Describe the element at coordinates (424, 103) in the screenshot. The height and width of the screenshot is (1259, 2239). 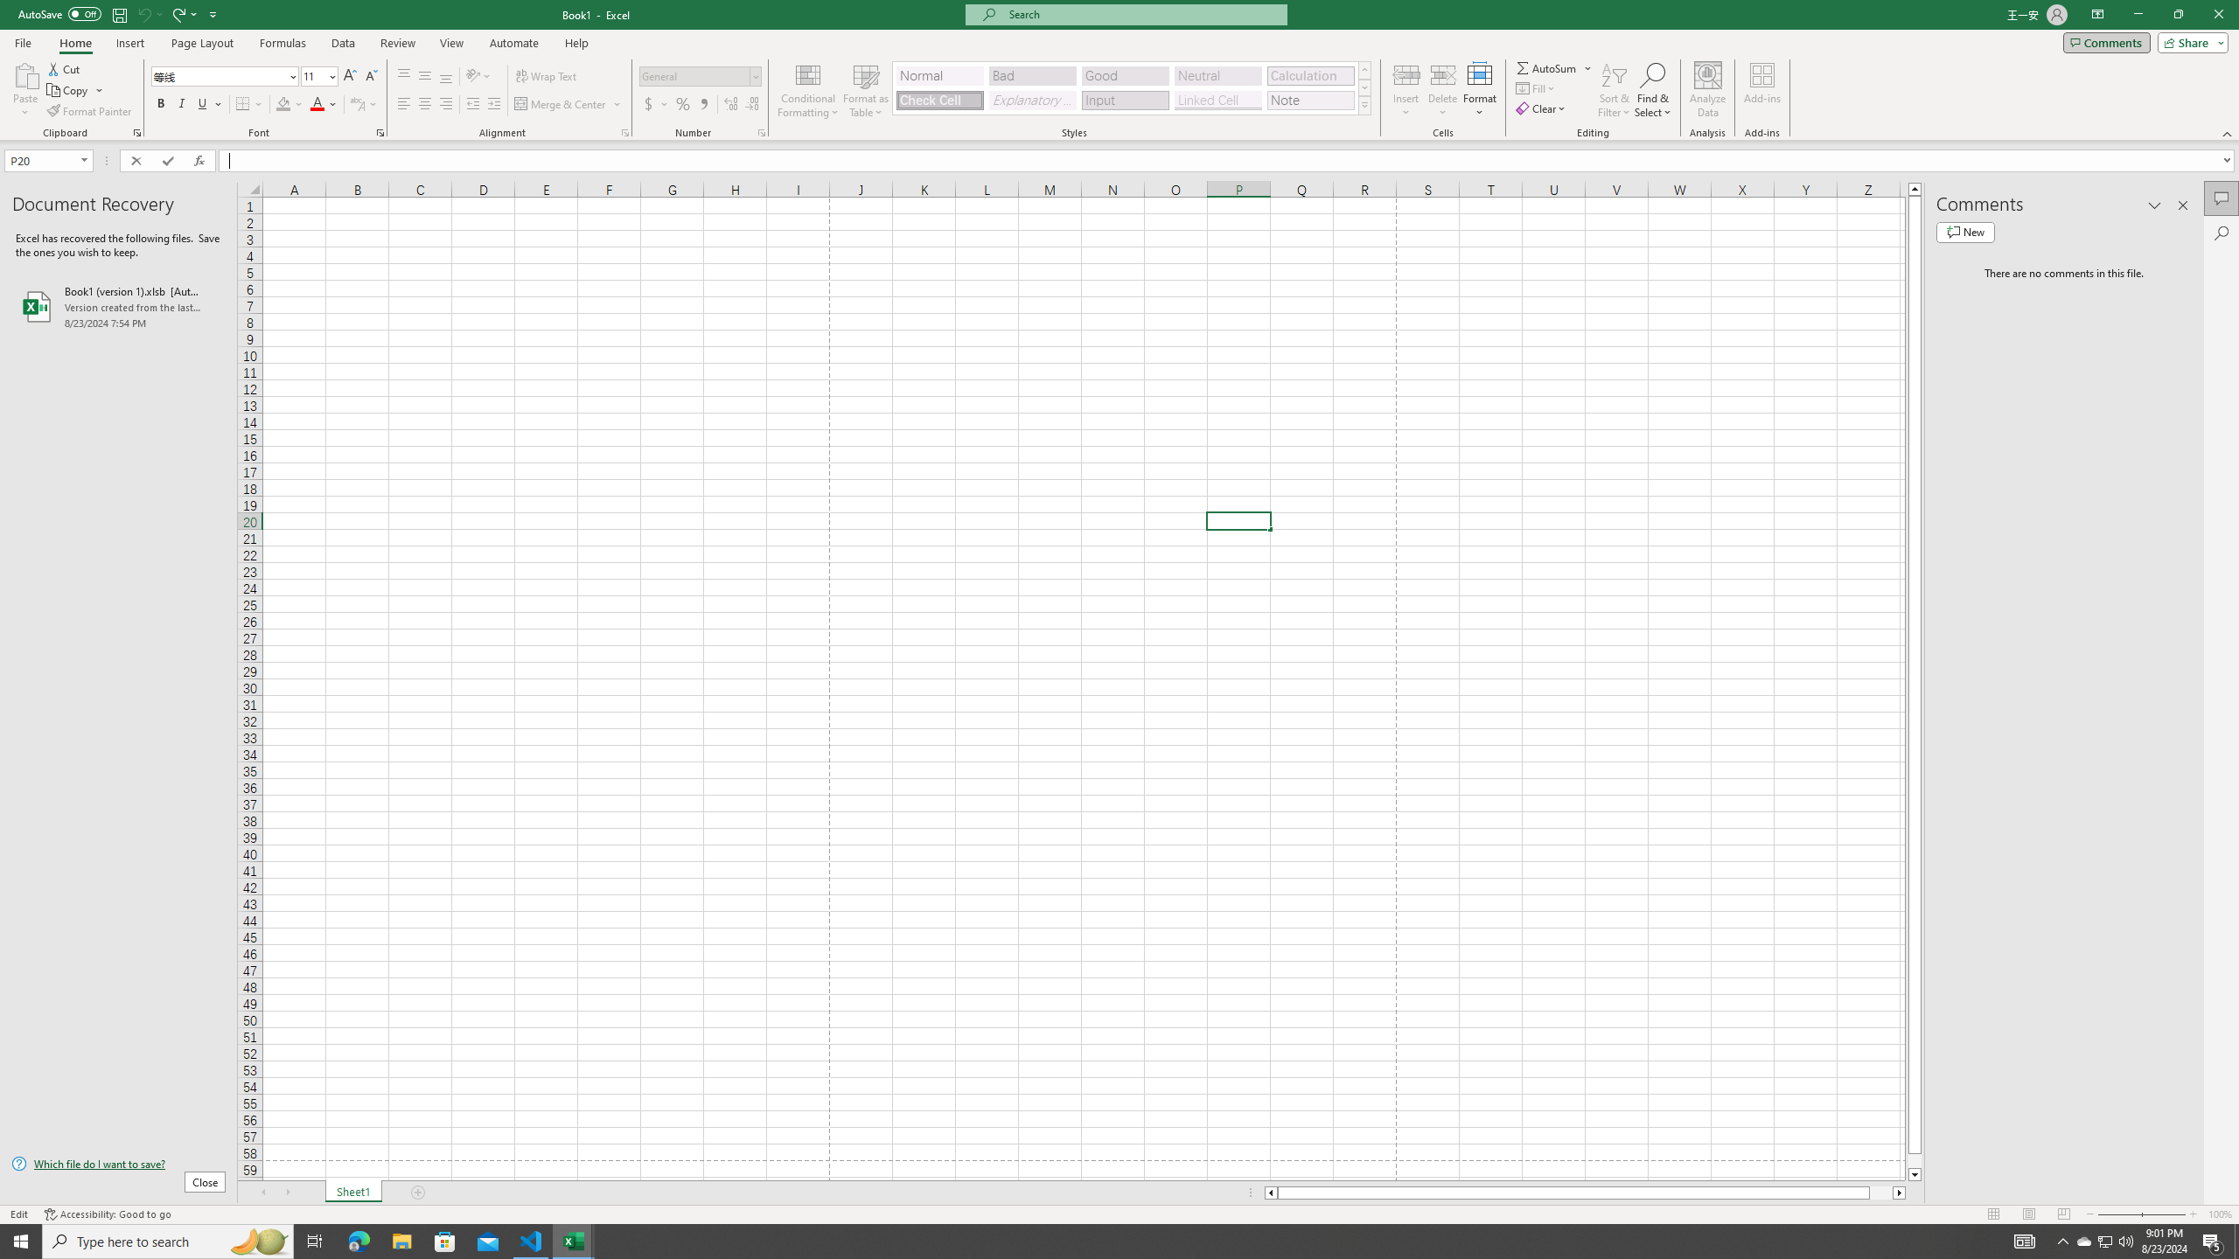
I see `'Center'` at that location.